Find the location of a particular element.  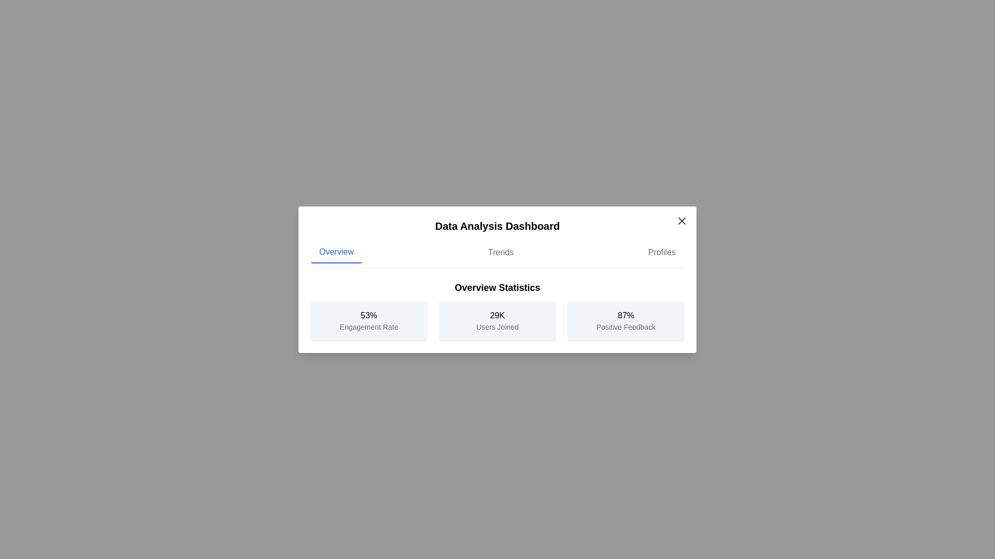

the second tab in the navigation section labeled 'Trends' to switch the display to the Trends view, focusing on trends-related data is located at coordinates (501, 252).